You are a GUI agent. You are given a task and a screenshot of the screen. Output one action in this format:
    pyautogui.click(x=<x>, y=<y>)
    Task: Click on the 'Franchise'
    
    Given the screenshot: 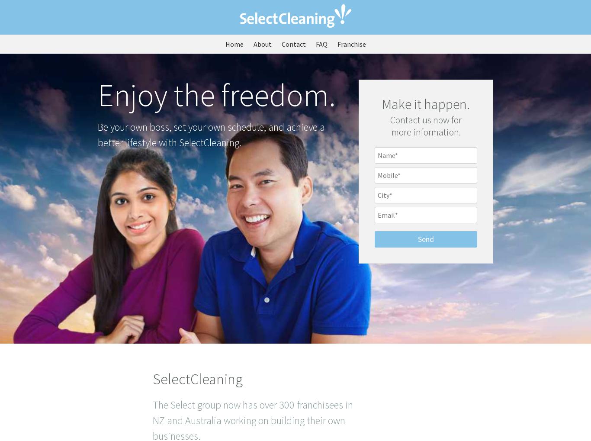 What is the action you would take?
    pyautogui.click(x=350, y=44)
    